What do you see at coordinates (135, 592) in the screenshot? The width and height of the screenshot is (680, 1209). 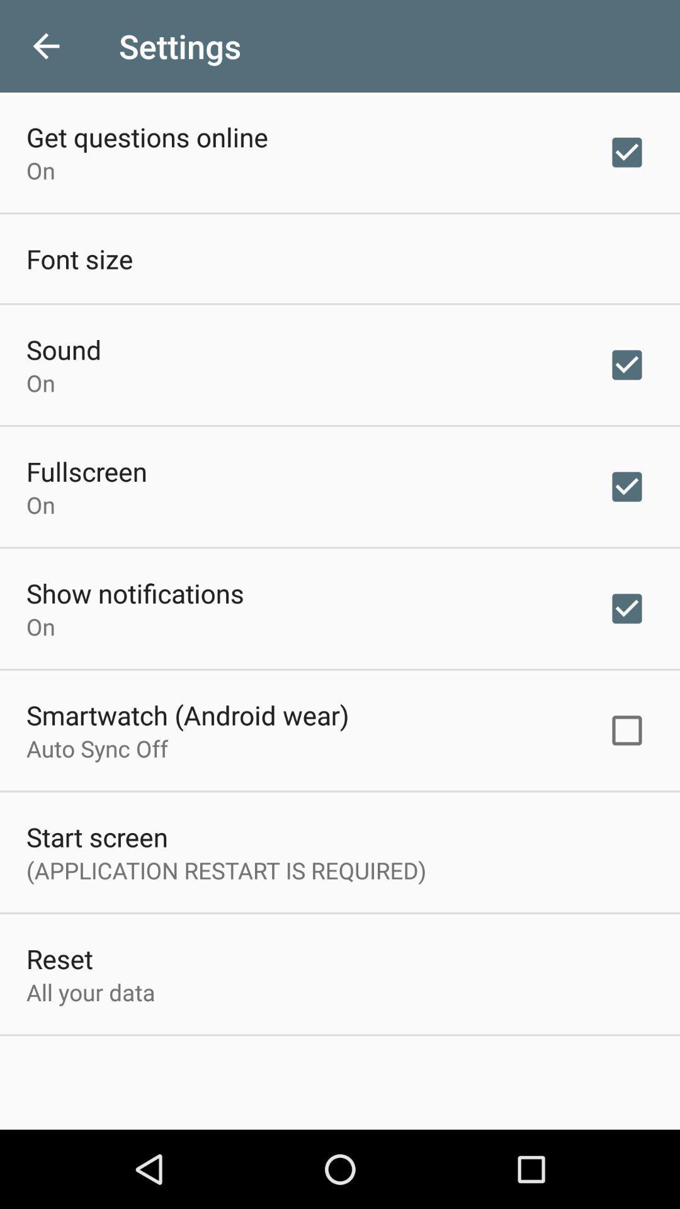 I see `the item below on` at bounding box center [135, 592].